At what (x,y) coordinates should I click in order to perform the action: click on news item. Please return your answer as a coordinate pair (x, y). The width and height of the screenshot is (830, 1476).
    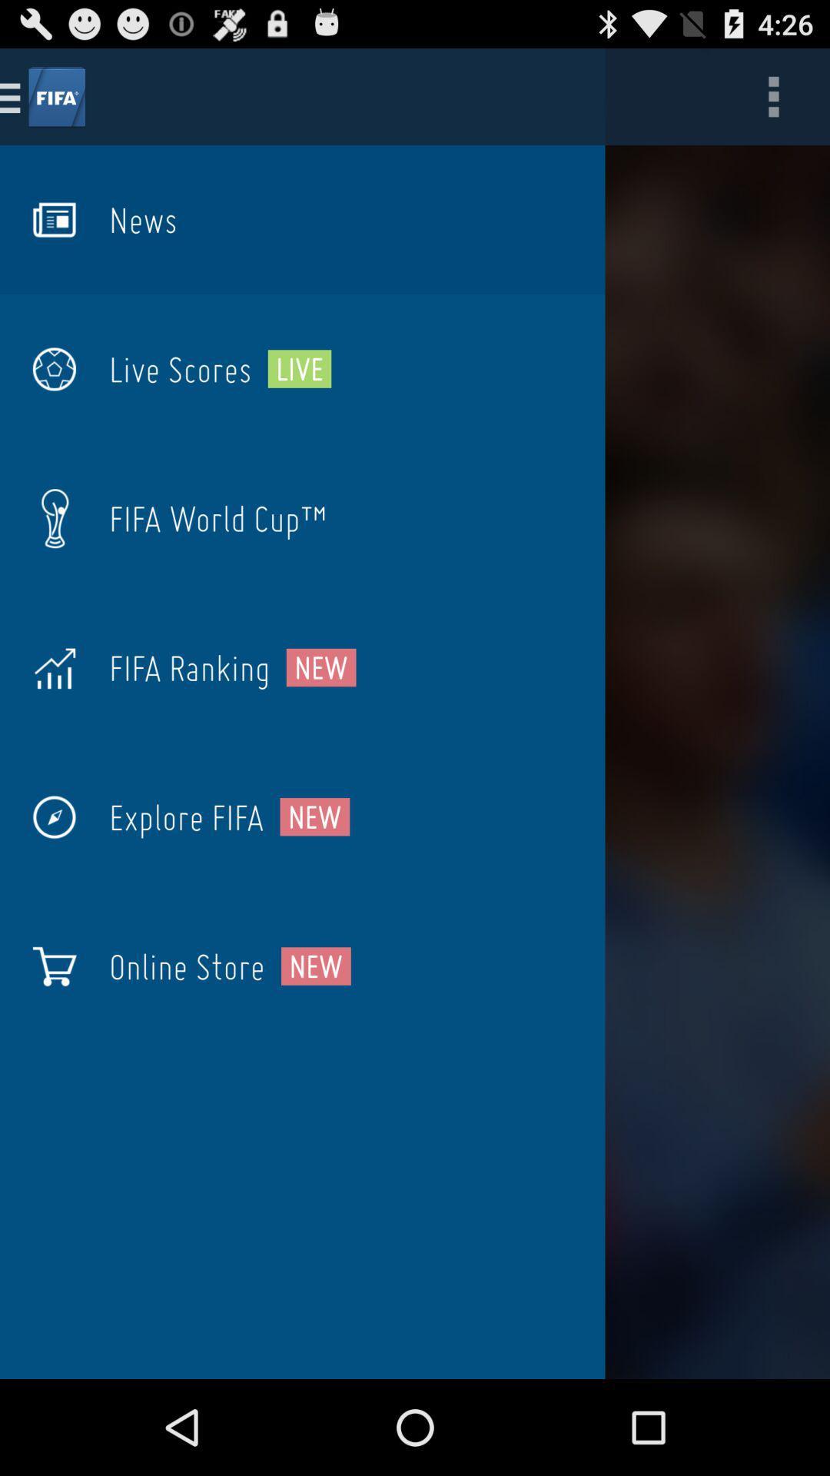
    Looking at the image, I should click on (143, 219).